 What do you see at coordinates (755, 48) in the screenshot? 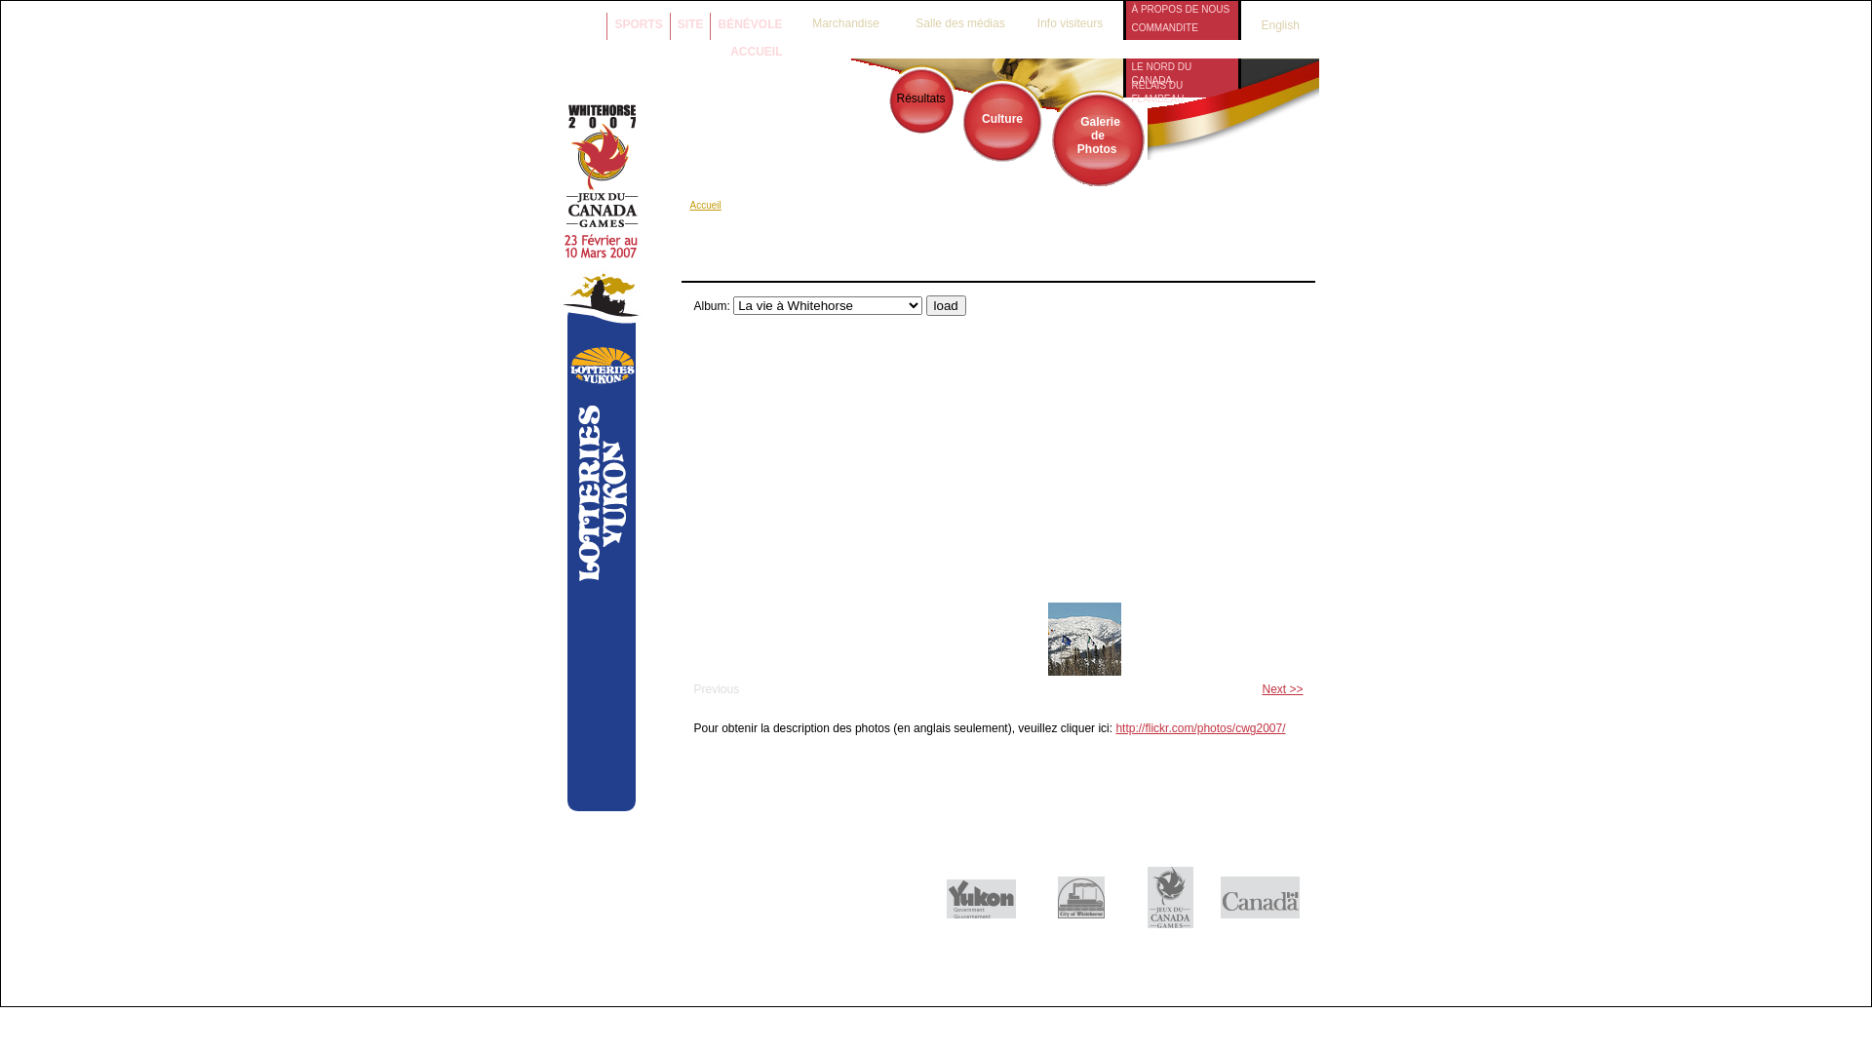
I see `'ACCUEIL'` at bounding box center [755, 48].